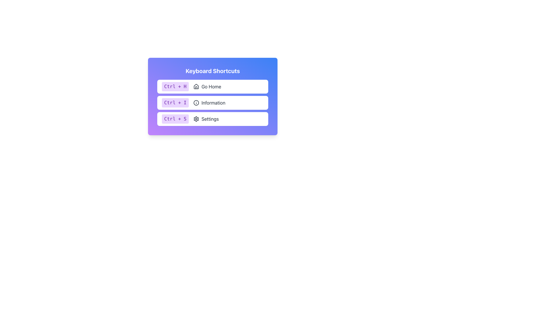  I want to click on the 'Information' Text Label element, which displays the text in a dark font color on a light background, positioned in the center column of a three-row layout, so click(213, 102).